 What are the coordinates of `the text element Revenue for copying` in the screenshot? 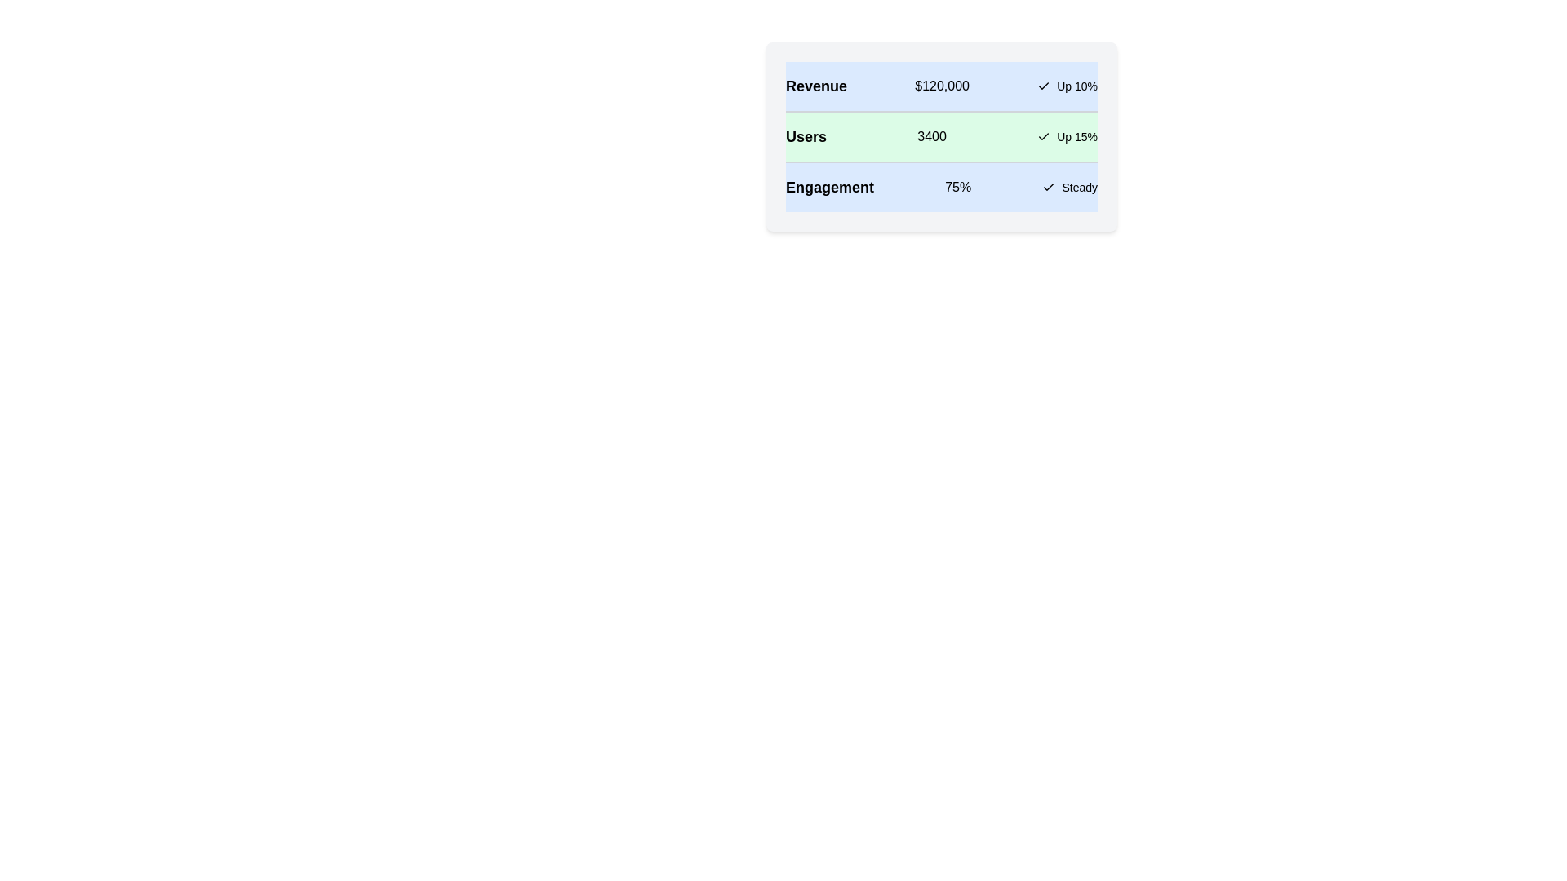 It's located at (816, 86).